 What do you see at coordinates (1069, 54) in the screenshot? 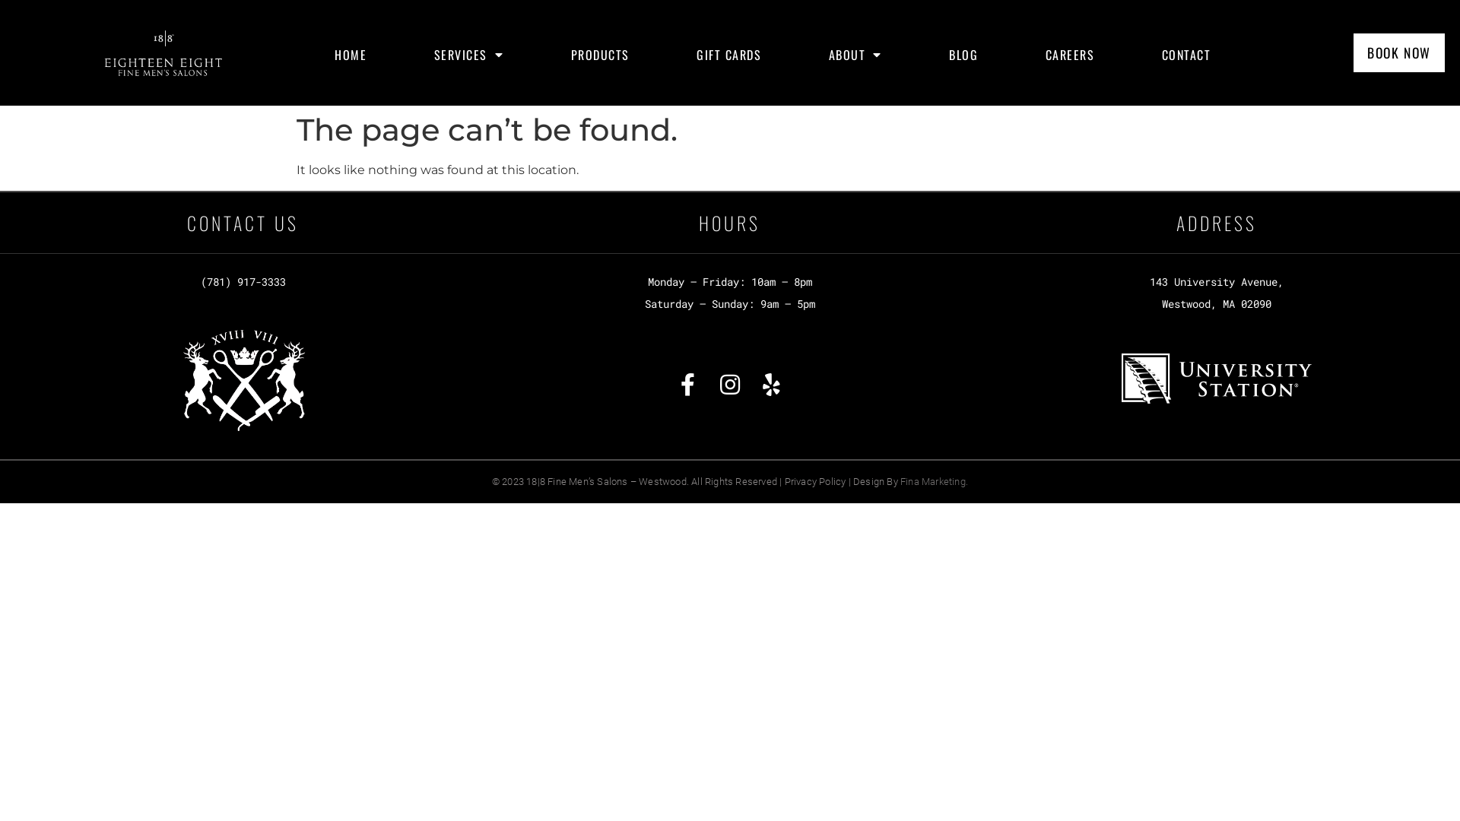
I see `'CAREERS'` at bounding box center [1069, 54].